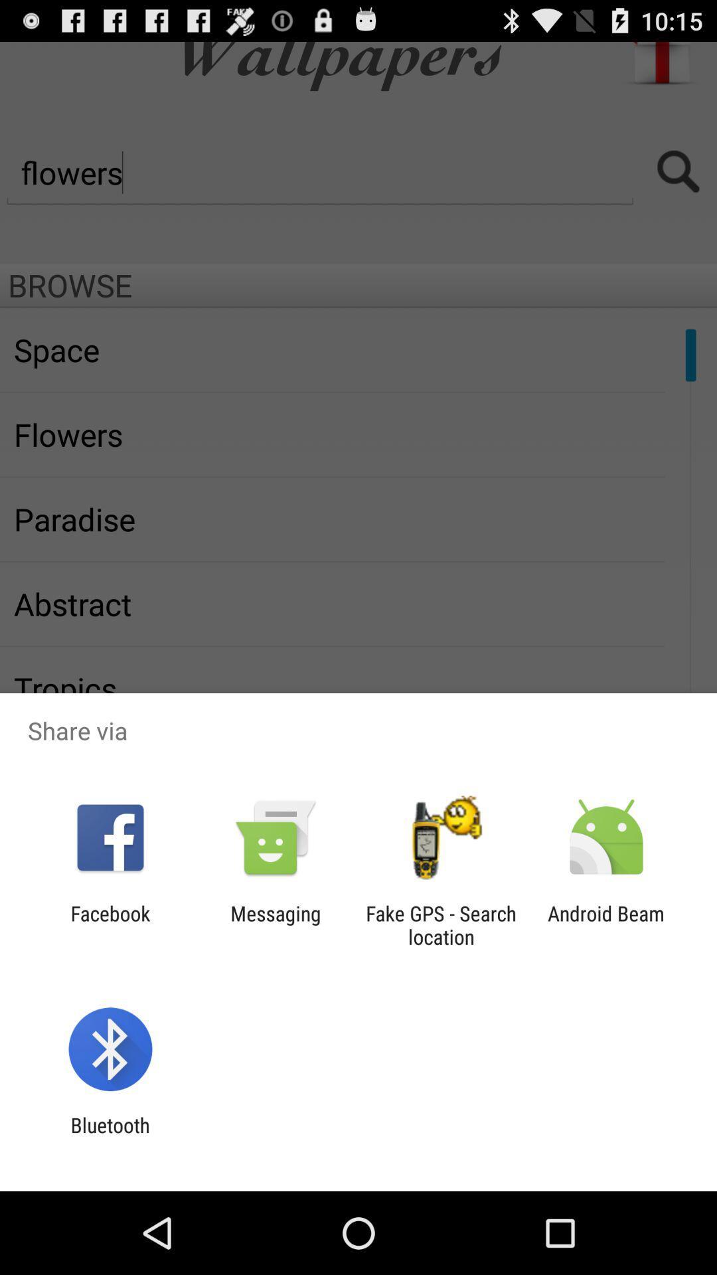 The image size is (717, 1275). I want to click on the messaging icon, so click(275, 924).